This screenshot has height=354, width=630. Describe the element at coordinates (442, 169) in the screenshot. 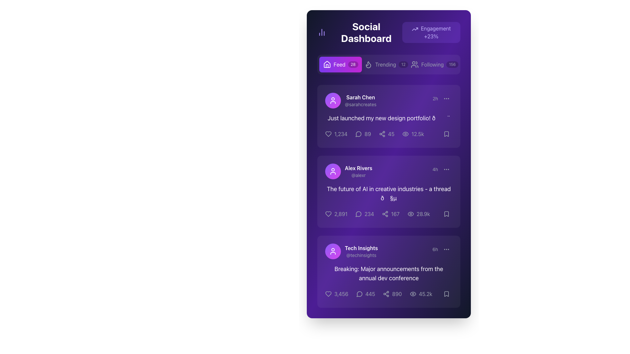

I see `timestamp '4h' from the compact UI component located in the top-right corner of the post by 'Alex Rivers', which consists of the text '4h' and a three-dot options icon` at that location.